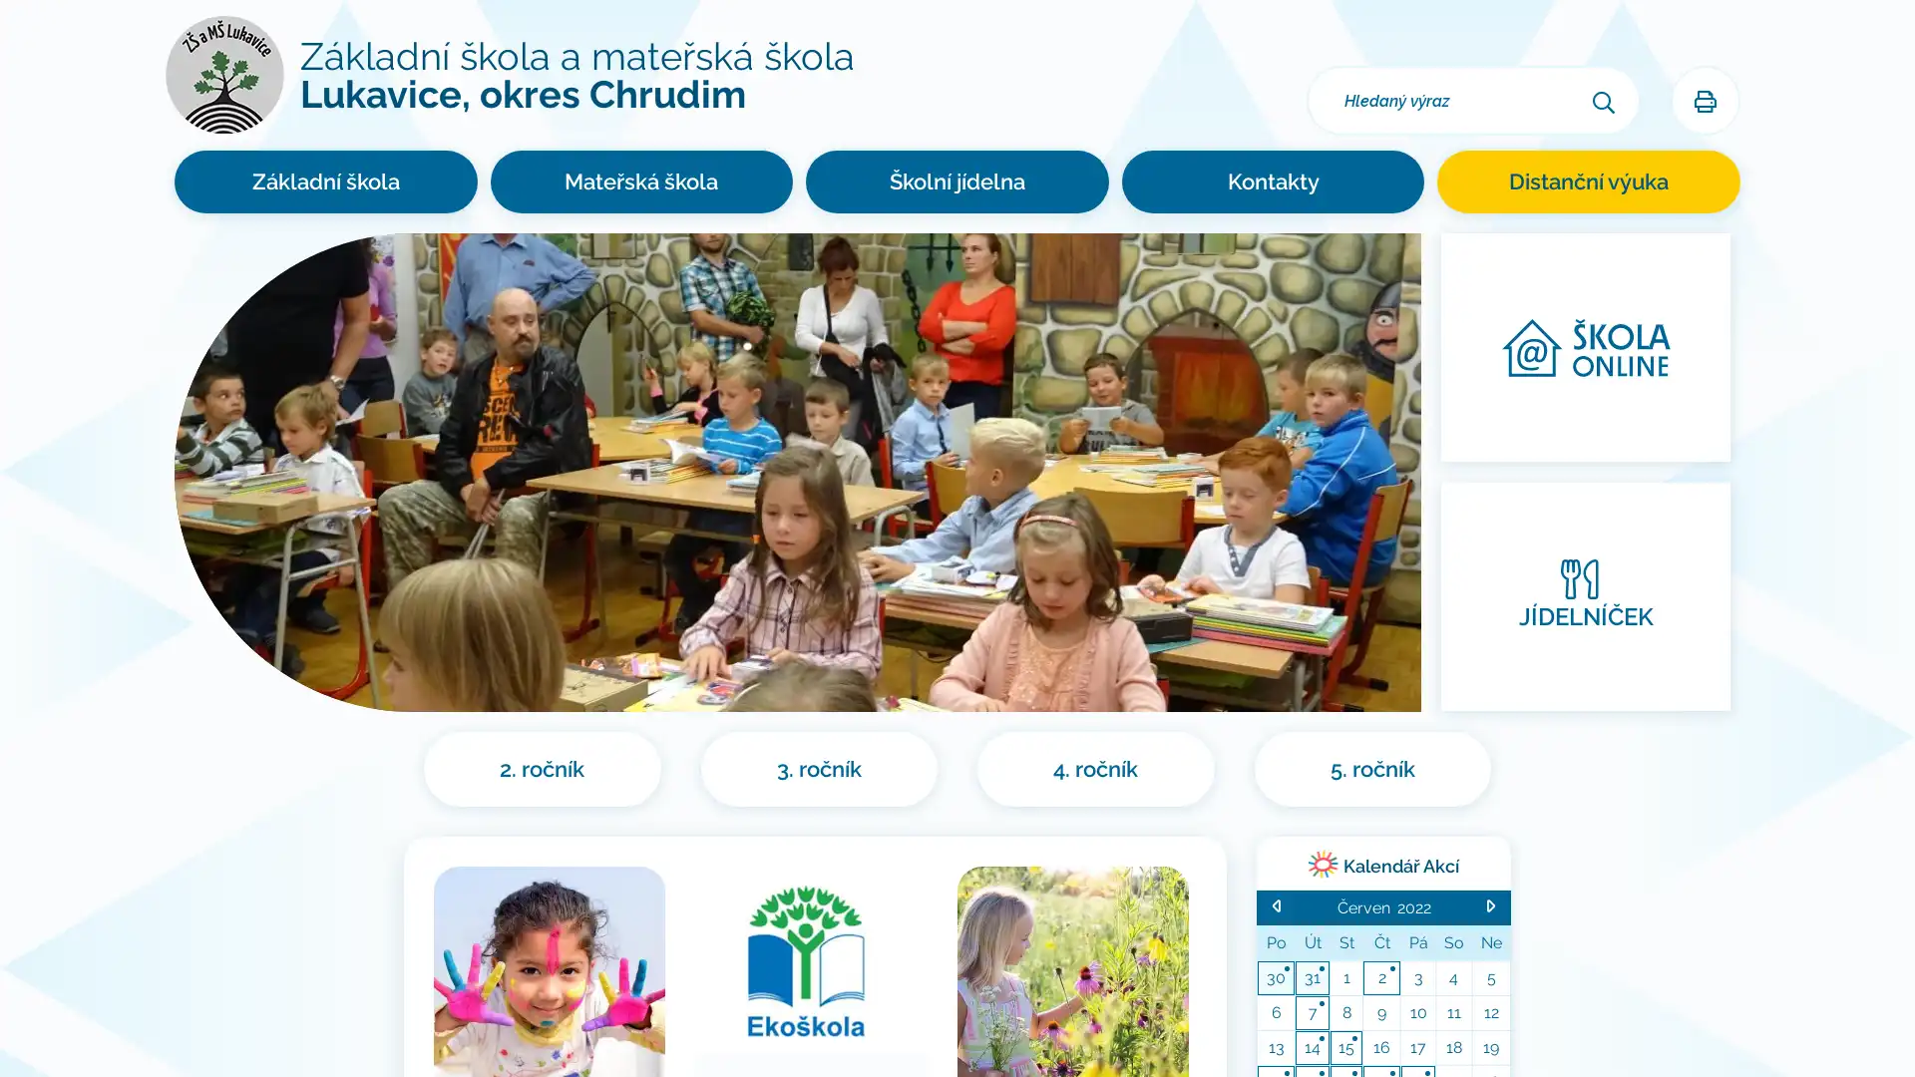 The image size is (1915, 1077). Describe the element at coordinates (1604, 100) in the screenshot. I see `Hledat` at that location.